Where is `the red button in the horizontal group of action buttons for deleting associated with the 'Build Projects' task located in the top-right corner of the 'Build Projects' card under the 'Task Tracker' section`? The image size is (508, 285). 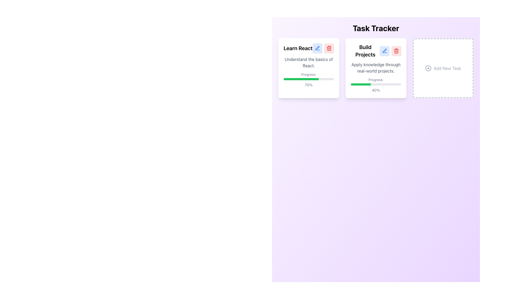 the red button in the horizontal group of action buttons for deleting associated with the 'Build Projects' task located in the top-right corner of the 'Build Projects' card under the 'Task Tracker' section is located at coordinates (391, 51).